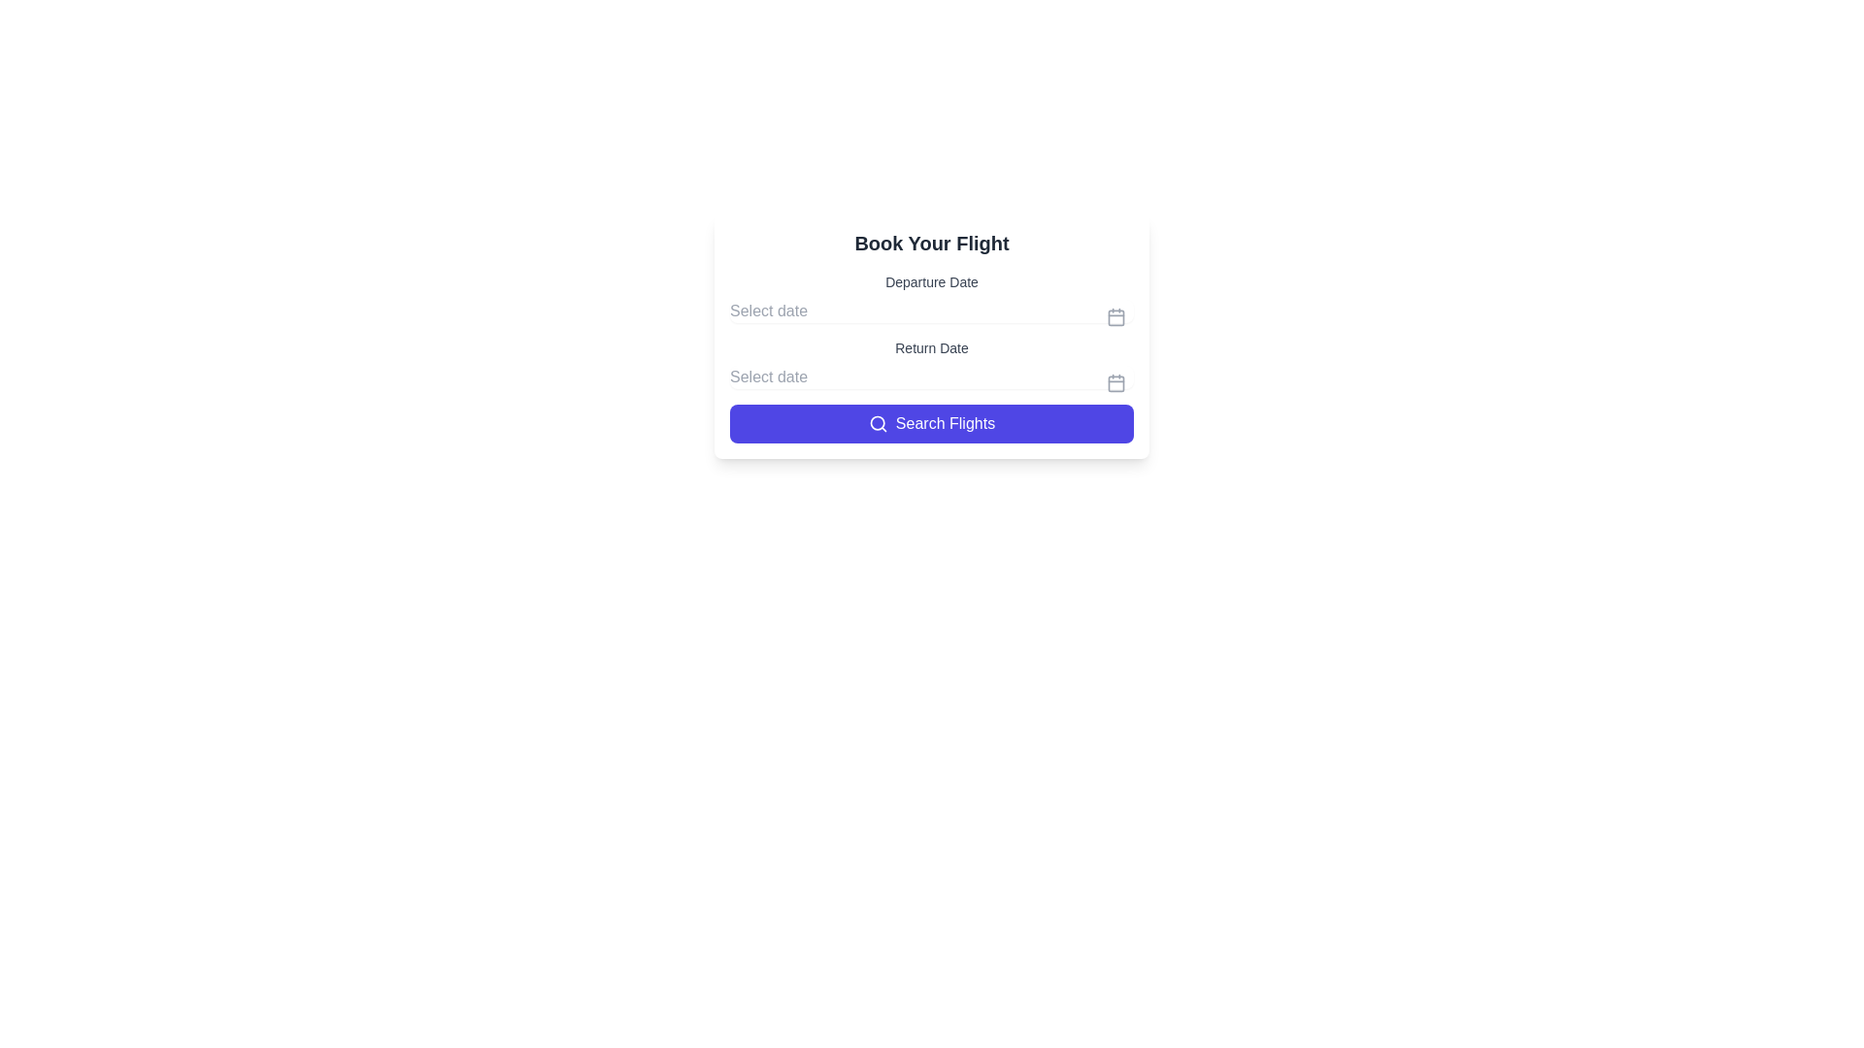  Describe the element at coordinates (876, 422) in the screenshot. I see `the inner circle of the magnifying glass` at that location.